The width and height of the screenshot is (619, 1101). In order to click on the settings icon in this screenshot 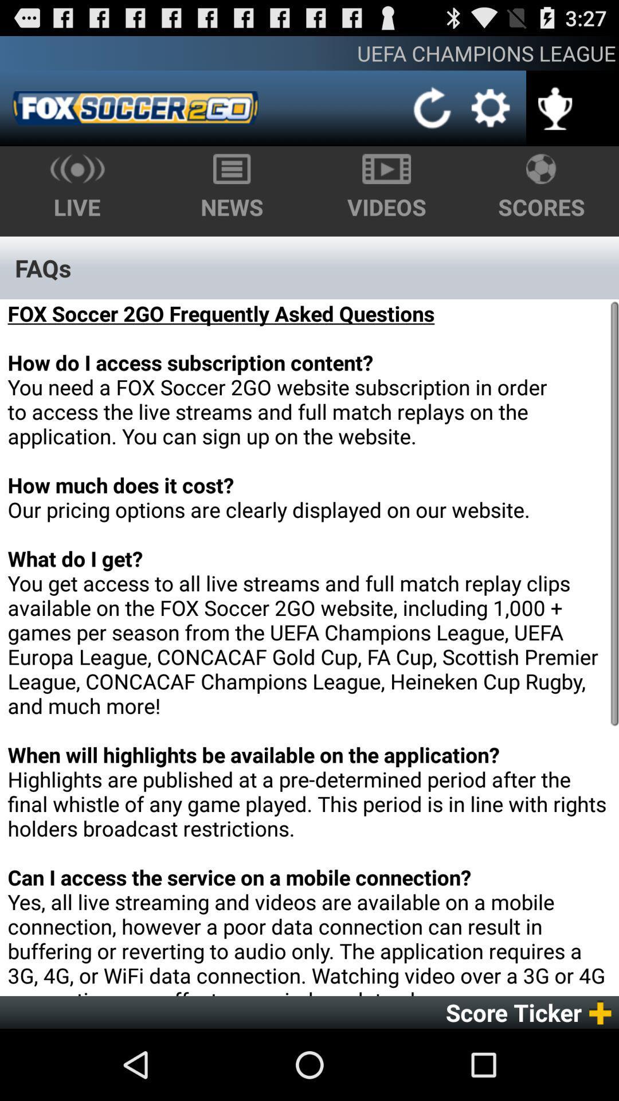, I will do `click(490, 115)`.